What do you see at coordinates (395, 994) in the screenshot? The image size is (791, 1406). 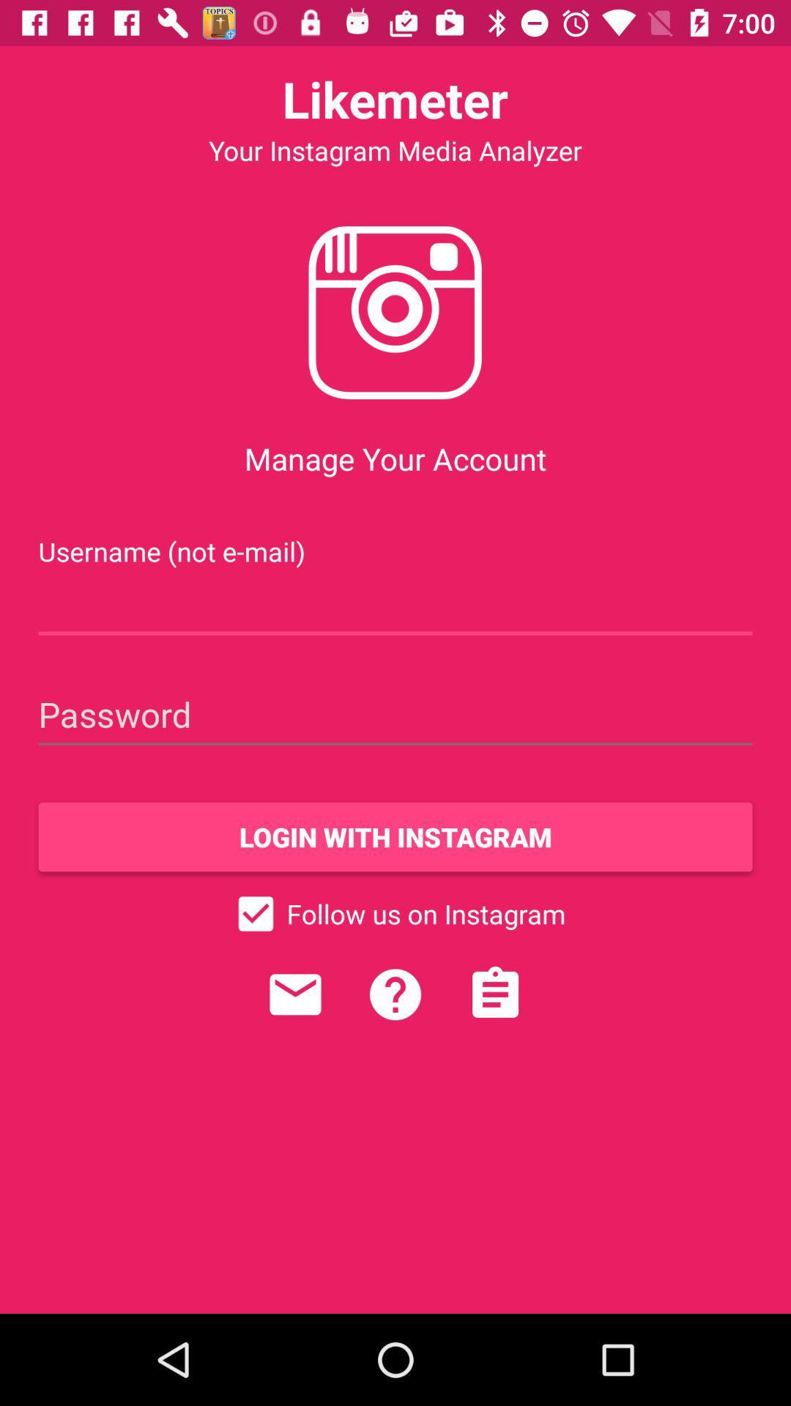 I see `help` at bounding box center [395, 994].